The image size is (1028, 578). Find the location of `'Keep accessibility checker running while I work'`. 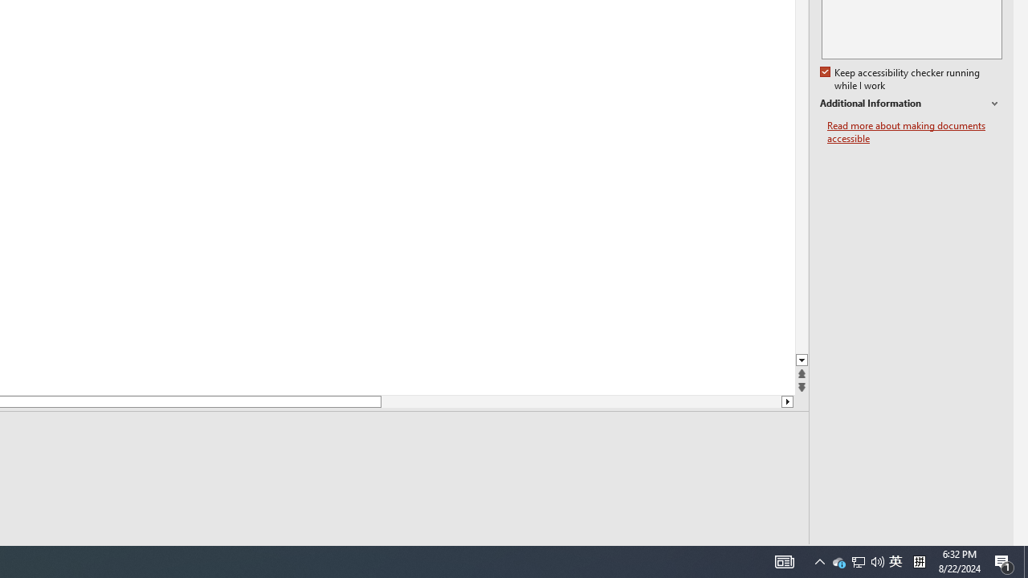

'Keep accessibility checker running while I work' is located at coordinates (901, 79).